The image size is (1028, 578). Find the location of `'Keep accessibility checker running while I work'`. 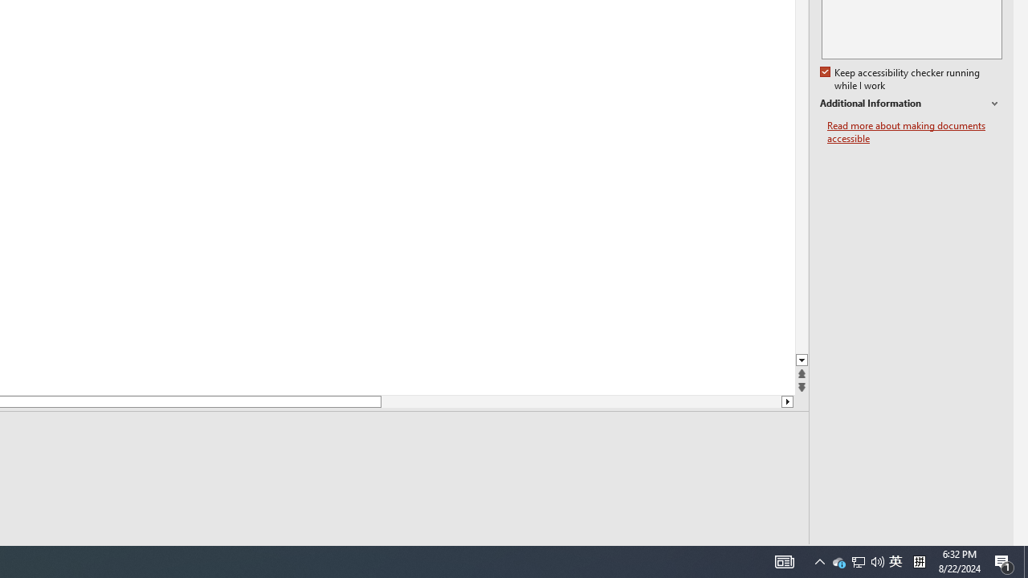

'Keep accessibility checker running while I work' is located at coordinates (901, 79).